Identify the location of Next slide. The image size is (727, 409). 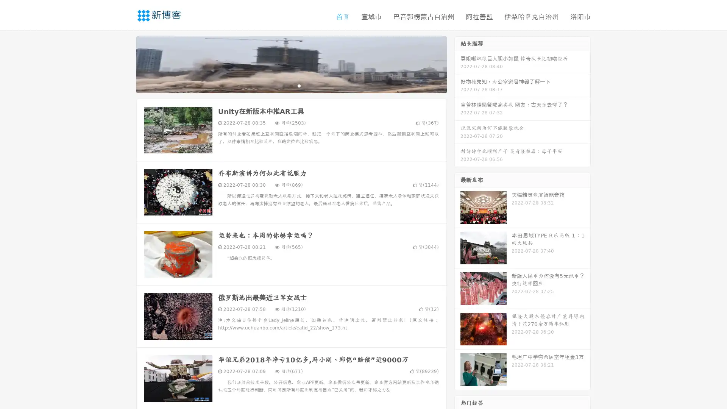
(457, 64).